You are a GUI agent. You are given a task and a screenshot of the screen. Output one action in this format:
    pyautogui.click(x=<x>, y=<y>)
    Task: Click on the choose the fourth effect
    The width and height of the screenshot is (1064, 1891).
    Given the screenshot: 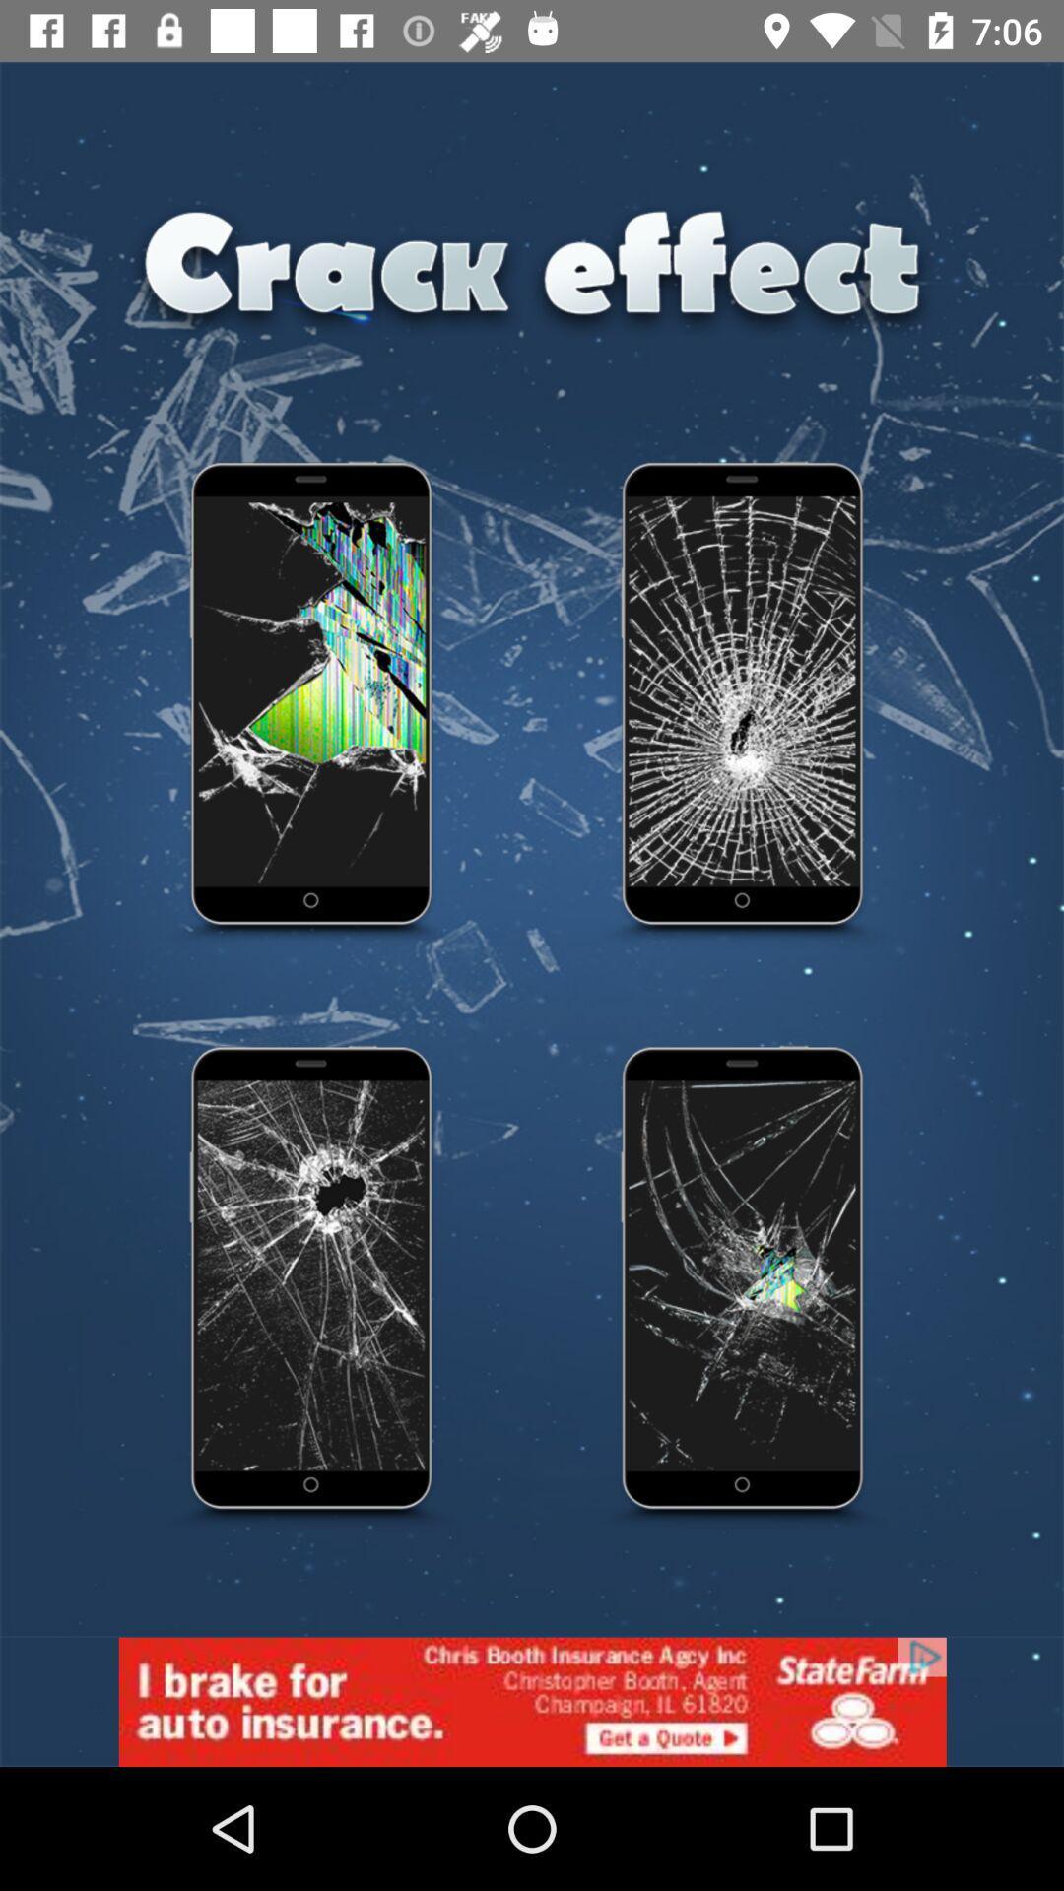 What is the action you would take?
    pyautogui.click(x=744, y=1288)
    